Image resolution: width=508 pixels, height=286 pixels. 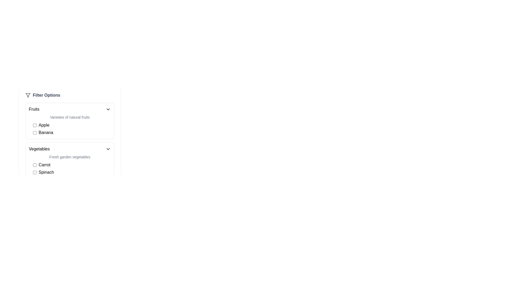 What do you see at coordinates (108, 109) in the screenshot?
I see `the downward-pointing arrow icon button in the top-right corner of the 'Fruits' category section` at bounding box center [108, 109].